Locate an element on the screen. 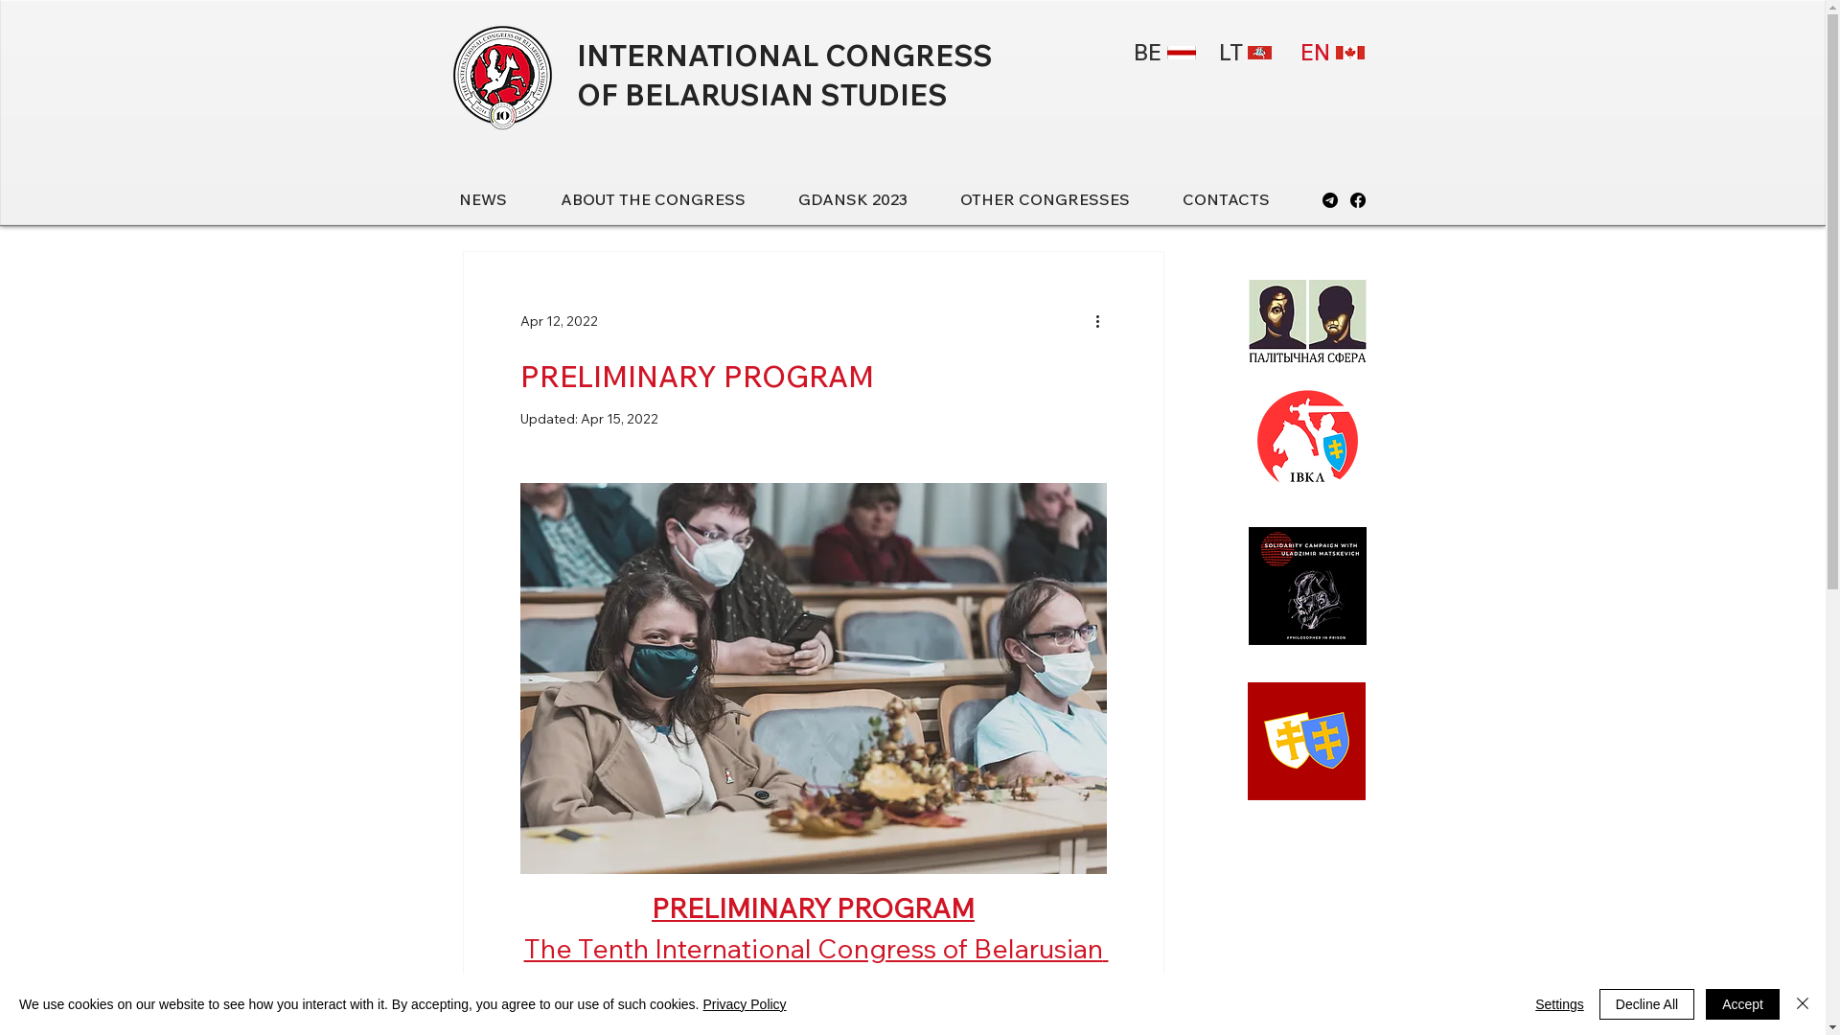 Image resolution: width=1840 pixels, height=1035 pixels. 'EN' is located at coordinates (1328, 51).